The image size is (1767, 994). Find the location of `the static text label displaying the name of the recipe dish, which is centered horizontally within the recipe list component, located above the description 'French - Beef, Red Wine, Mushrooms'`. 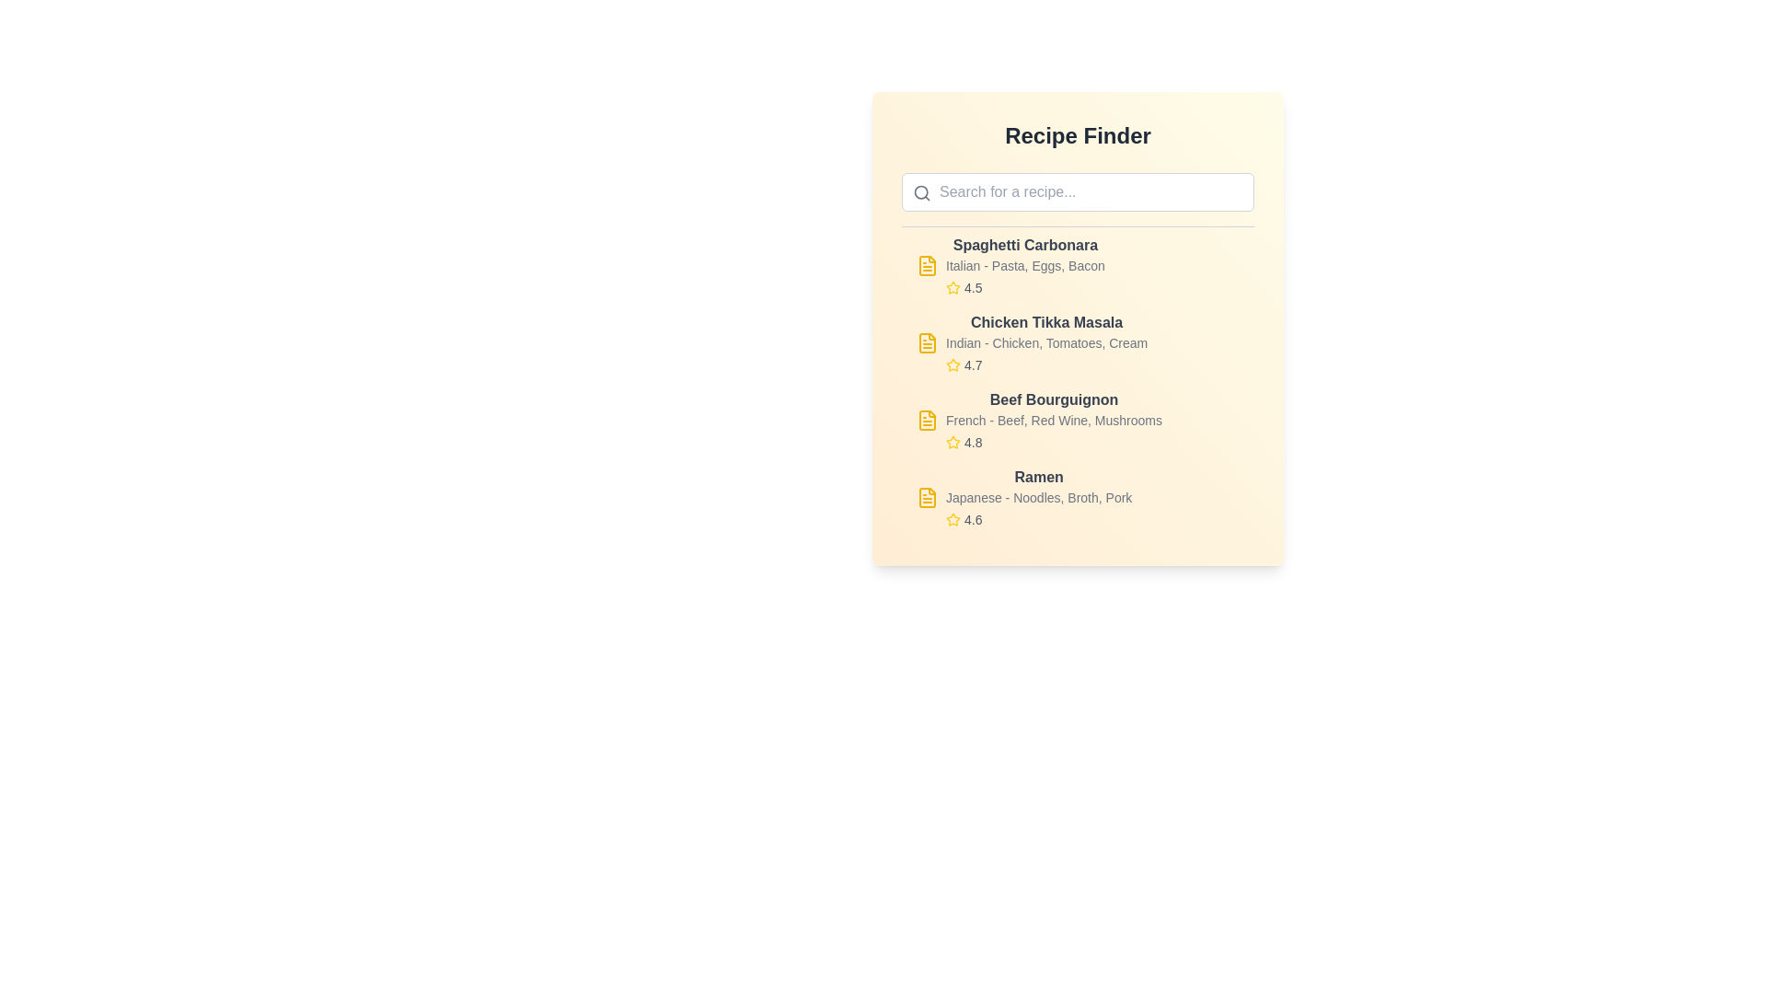

the static text label displaying the name of the recipe dish, which is centered horizontally within the recipe list component, located above the description 'French - Beef, Red Wine, Mushrooms' is located at coordinates (1054, 399).